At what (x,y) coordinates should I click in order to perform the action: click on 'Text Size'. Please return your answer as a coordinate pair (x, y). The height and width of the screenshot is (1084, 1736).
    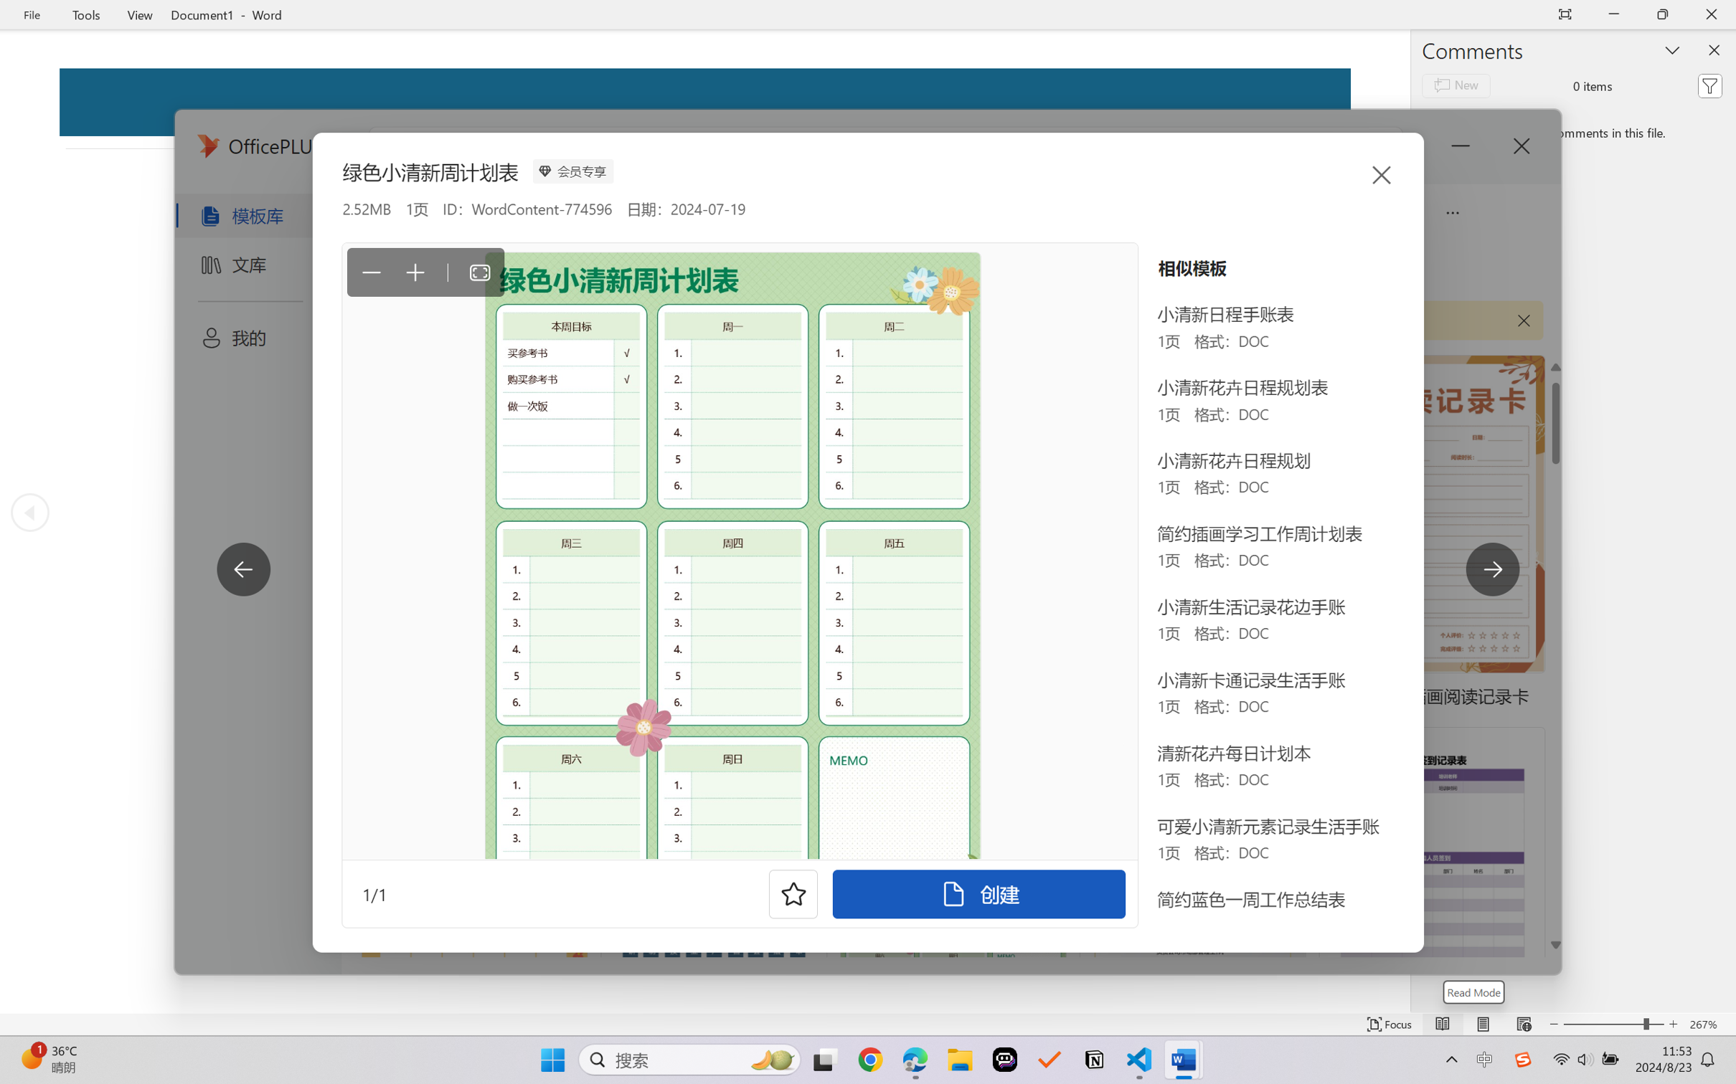
    Looking at the image, I should click on (1613, 1024).